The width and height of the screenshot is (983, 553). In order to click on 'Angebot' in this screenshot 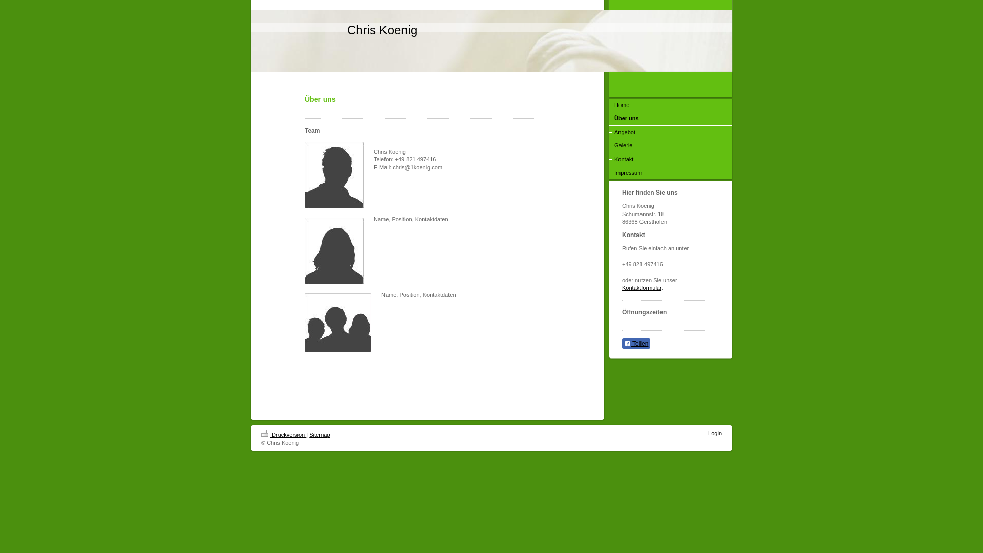, I will do `click(671, 132)`.